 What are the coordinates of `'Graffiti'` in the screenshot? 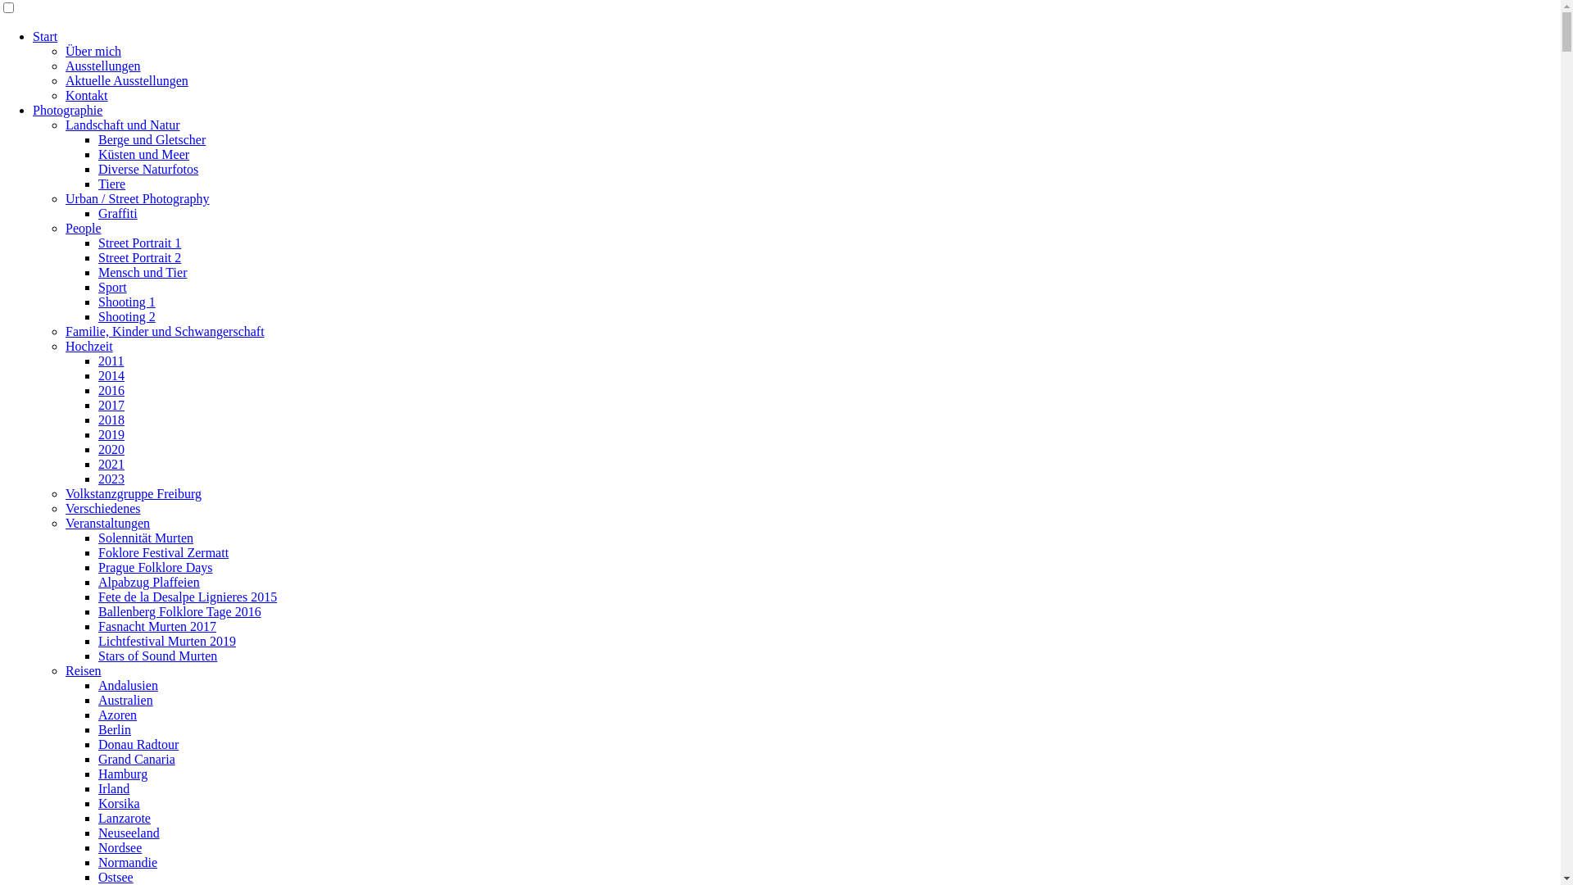 It's located at (117, 212).